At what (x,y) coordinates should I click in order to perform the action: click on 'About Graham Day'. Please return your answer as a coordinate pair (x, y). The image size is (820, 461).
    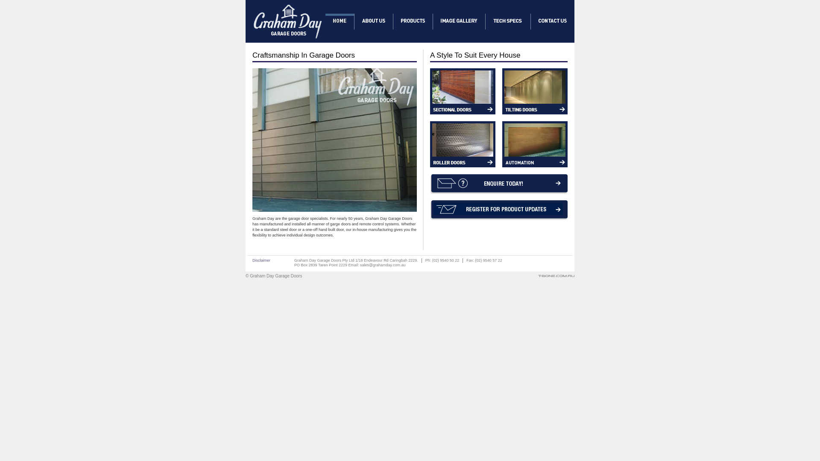
    Looking at the image, I should click on (373, 21).